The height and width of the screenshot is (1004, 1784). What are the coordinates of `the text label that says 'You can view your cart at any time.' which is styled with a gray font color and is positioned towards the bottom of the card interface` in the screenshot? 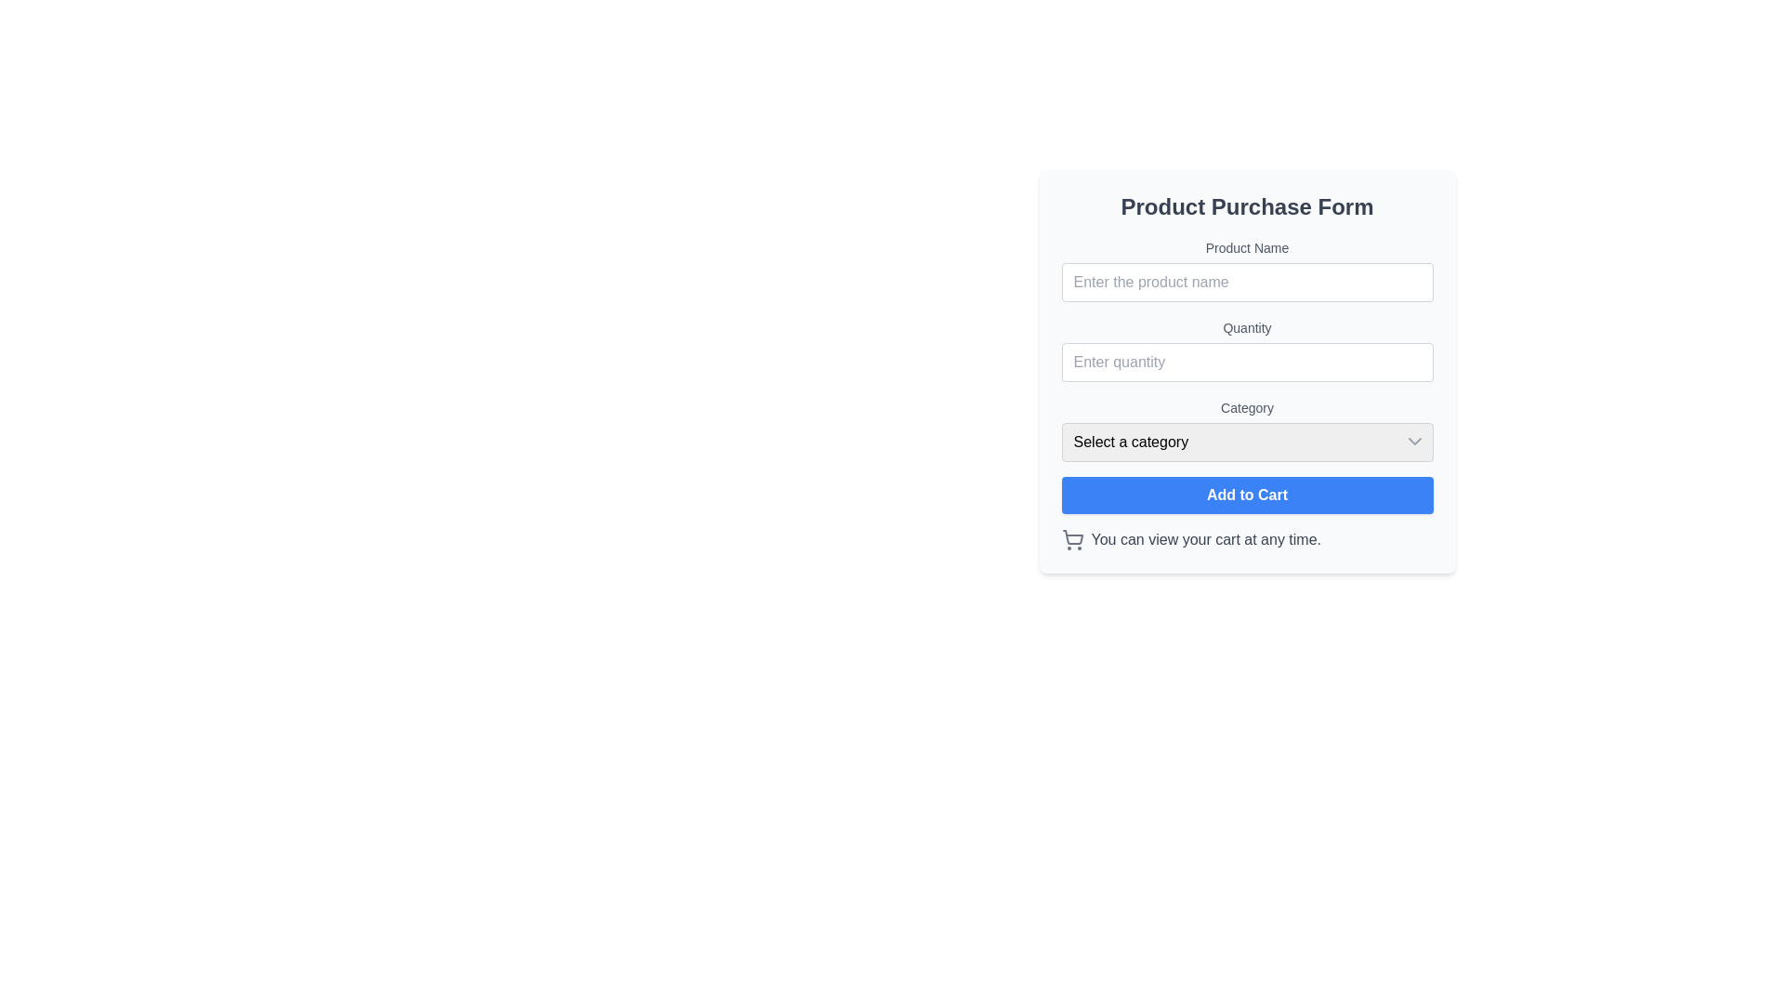 It's located at (1206, 540).